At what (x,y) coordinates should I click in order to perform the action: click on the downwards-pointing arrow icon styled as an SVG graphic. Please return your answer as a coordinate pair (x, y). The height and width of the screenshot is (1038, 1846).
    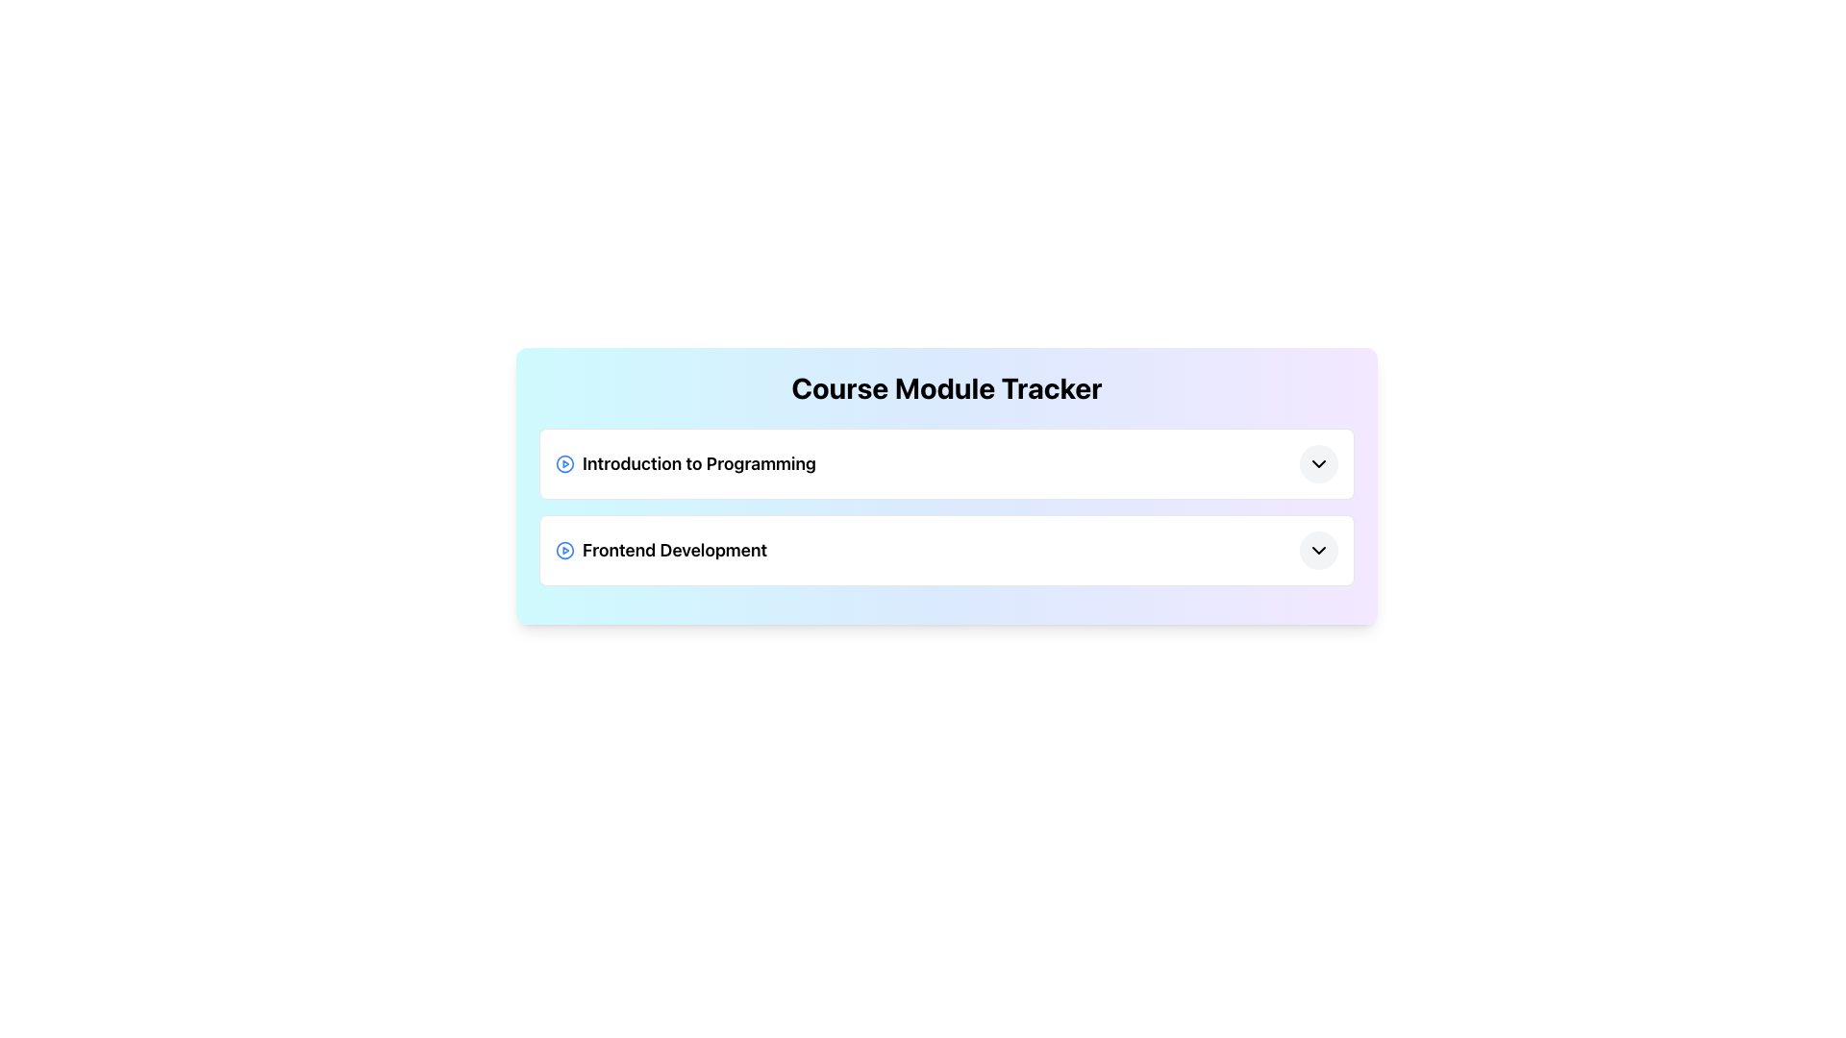
    Looking at the image, I should click on (1318, 463).